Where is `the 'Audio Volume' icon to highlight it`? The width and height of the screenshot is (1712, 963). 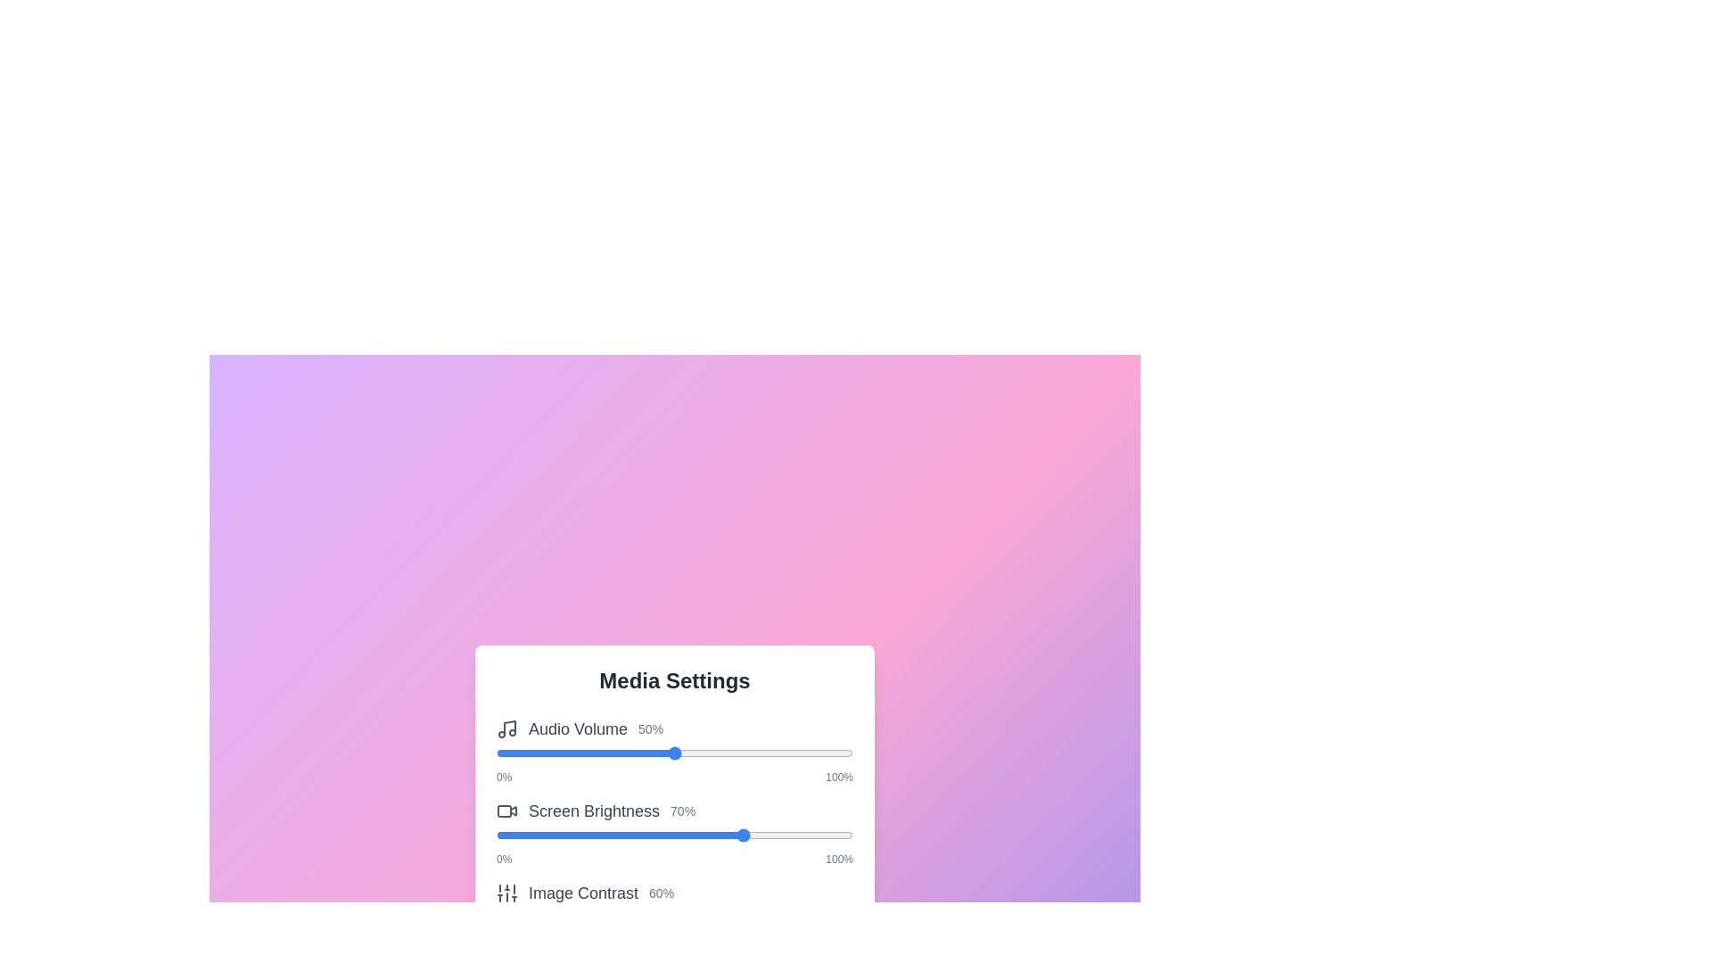
the 'Audio Volume' icon to highlight it is located at coordinates (506, 728).